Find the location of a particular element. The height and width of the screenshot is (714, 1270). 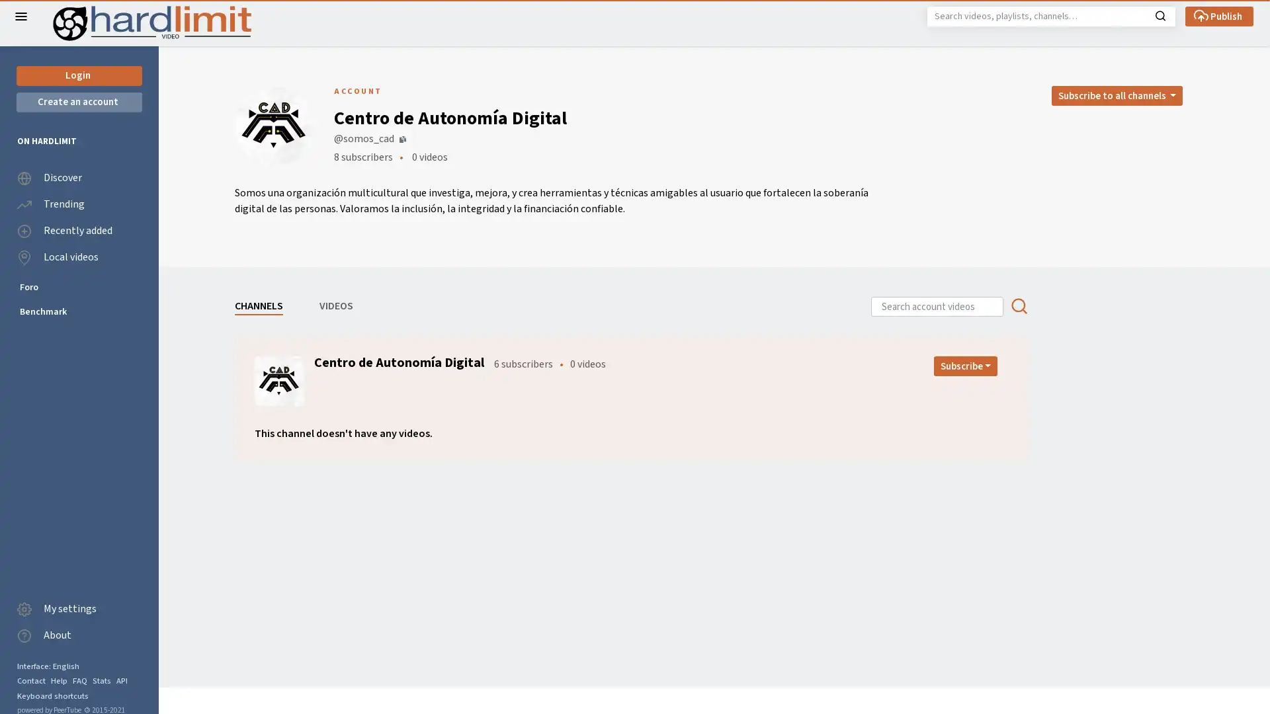

Interface: English is located at coordinates (48, 666).